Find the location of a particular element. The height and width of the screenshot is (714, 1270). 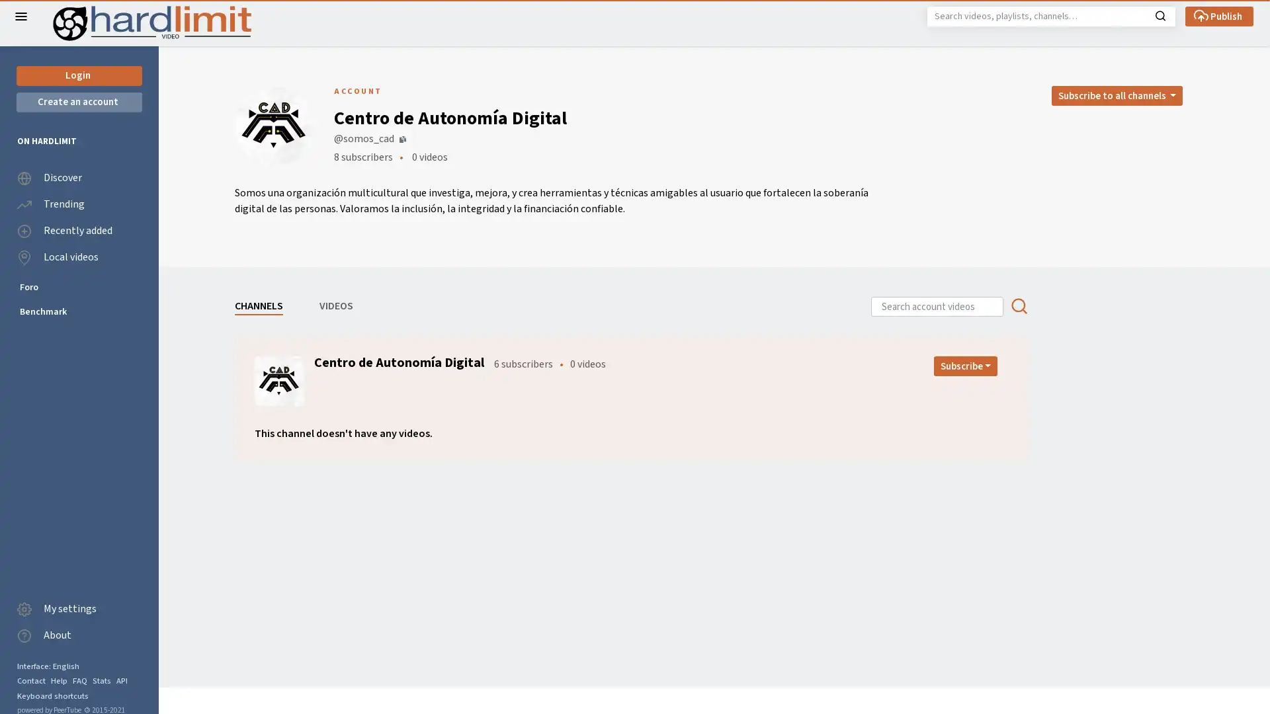

Interface: English is located at coordinates (48, 666).